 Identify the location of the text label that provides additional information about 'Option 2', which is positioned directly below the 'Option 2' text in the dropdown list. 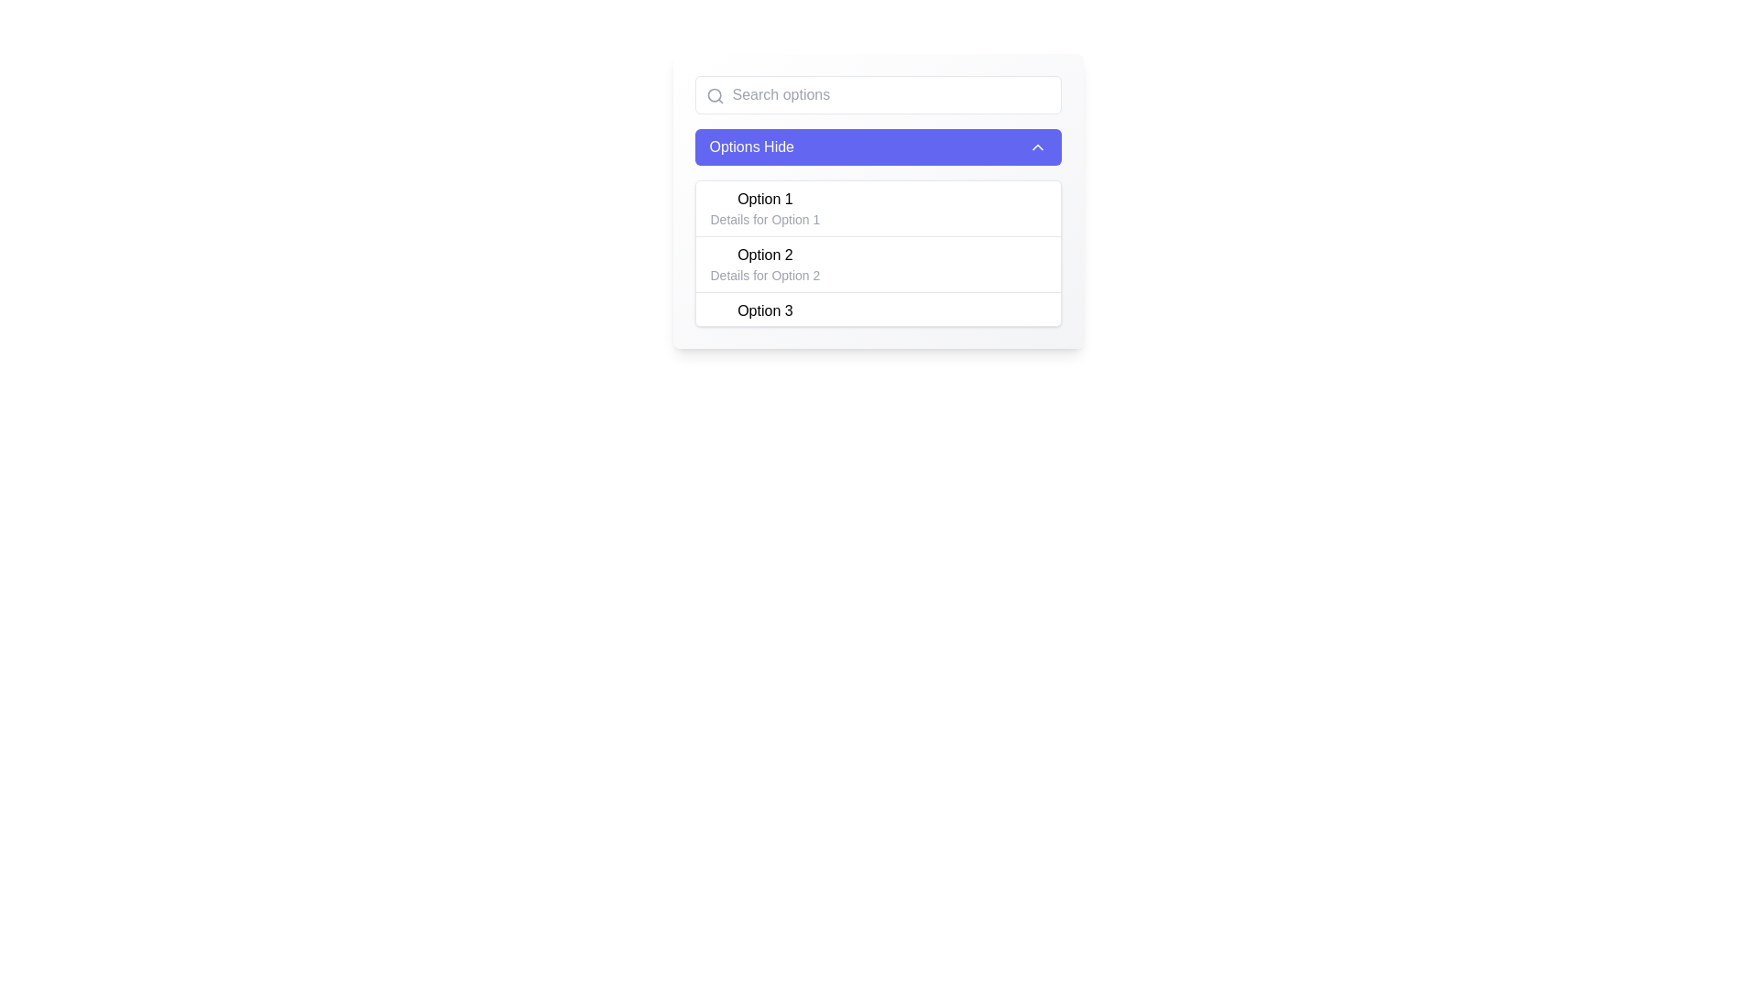
(765, 275).